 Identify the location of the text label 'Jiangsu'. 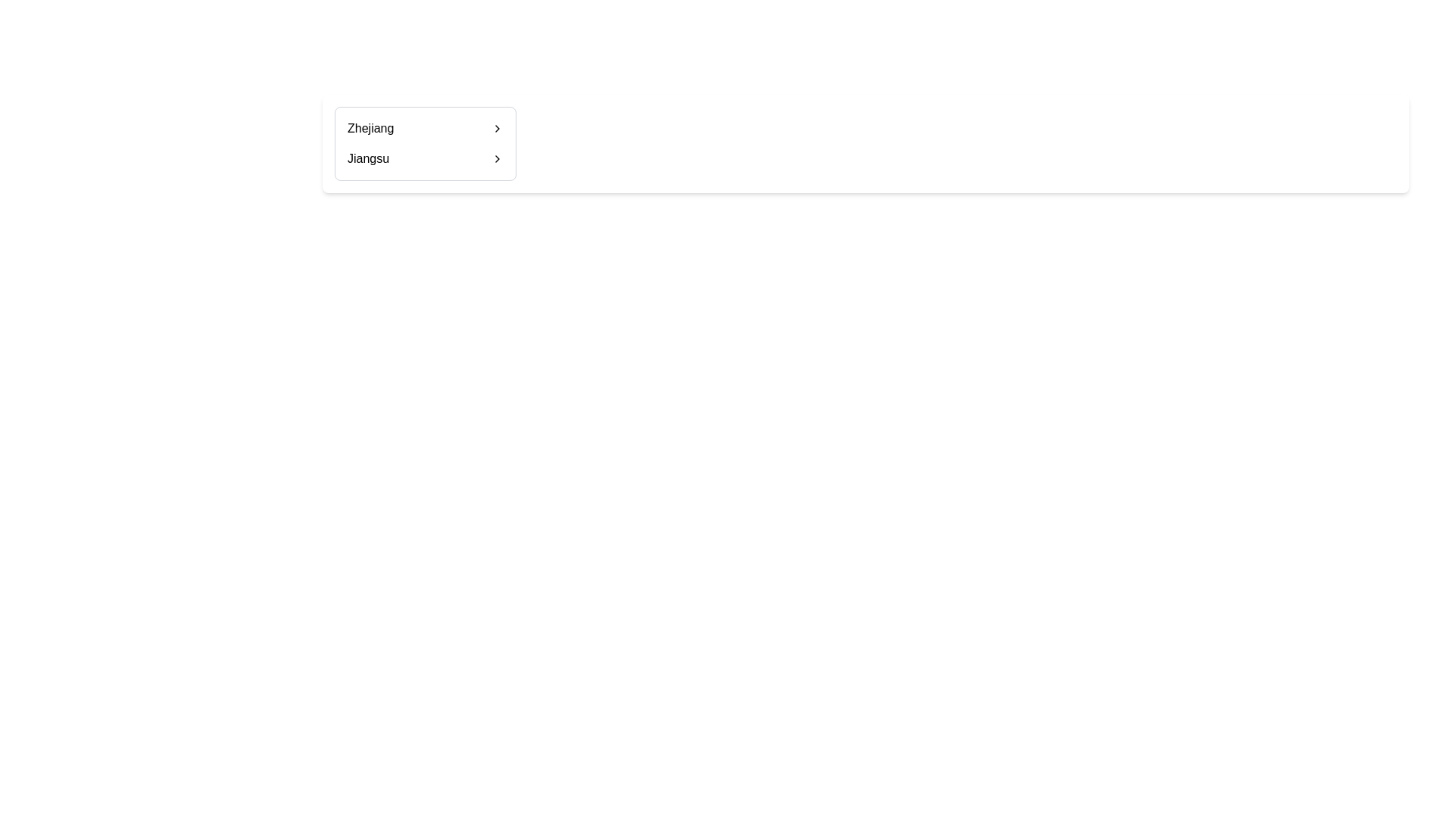
(368, 158).